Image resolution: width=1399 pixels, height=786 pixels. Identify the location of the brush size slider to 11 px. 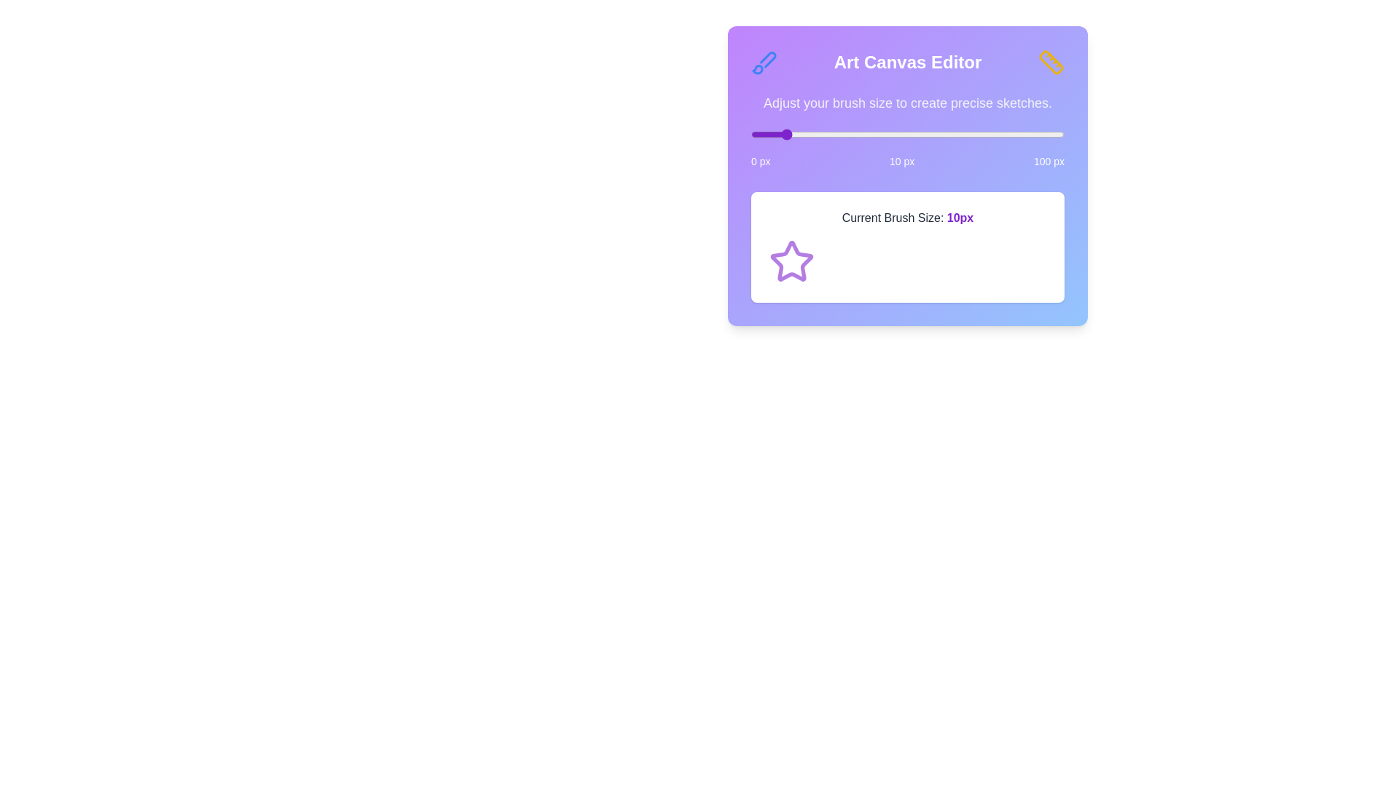
(785, 135).